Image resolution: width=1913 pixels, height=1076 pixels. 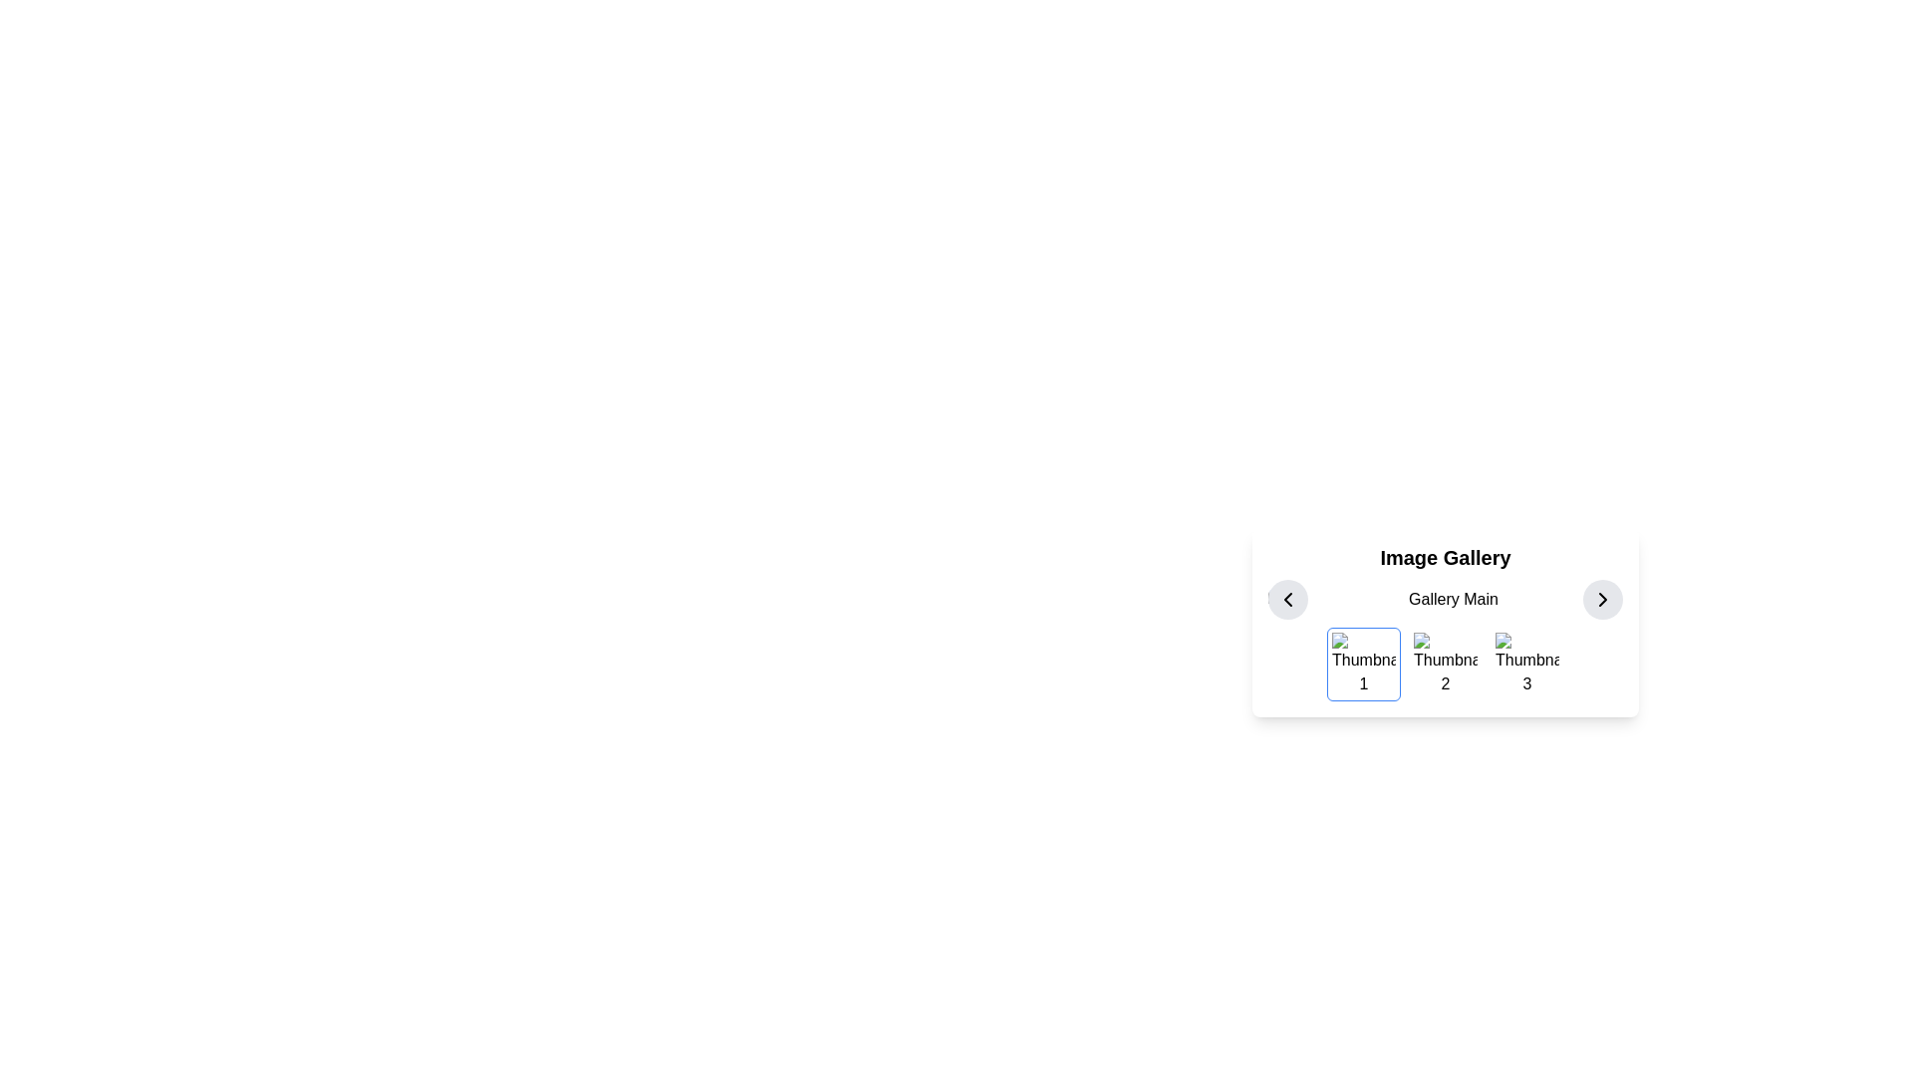 I want to click on the navigation control button located on the right end of the image gallery section to proceed to the next set of items in the gallery, so click(x=1602, y=598).